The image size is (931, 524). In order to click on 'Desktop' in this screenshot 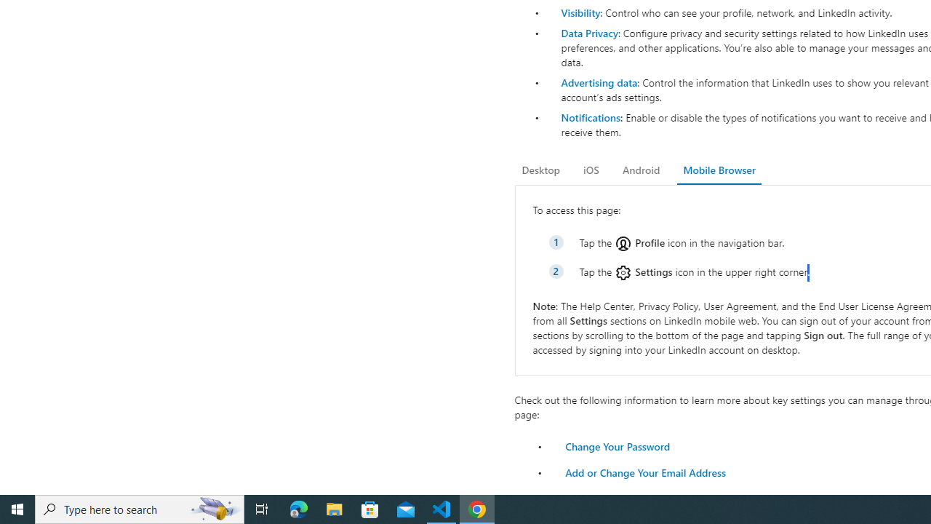, I will do `click(540, 170)`.